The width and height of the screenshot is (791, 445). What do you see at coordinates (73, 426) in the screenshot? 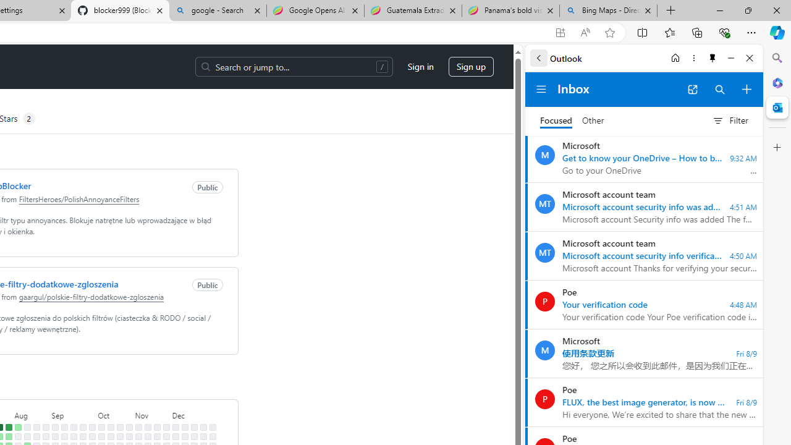
I see `'No contributions on September 15th.'` at bounding box center [73, 426].